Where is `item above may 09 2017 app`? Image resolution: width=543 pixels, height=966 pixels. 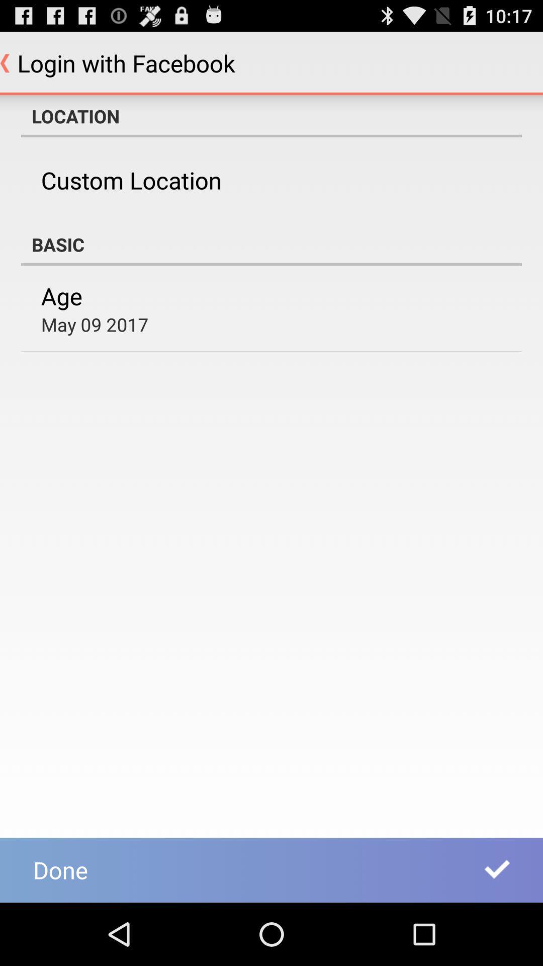
item above may 09 2017 app is located at coordinates (61, 295).